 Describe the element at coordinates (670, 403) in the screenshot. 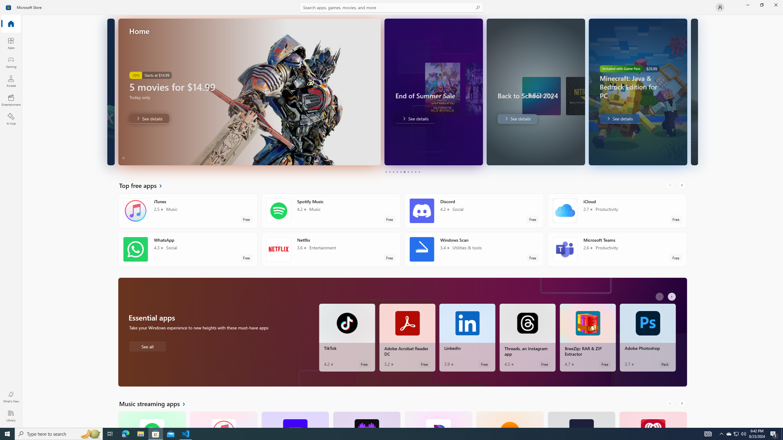

I see `'AutomationID: LeftScrollButton'` at that location.